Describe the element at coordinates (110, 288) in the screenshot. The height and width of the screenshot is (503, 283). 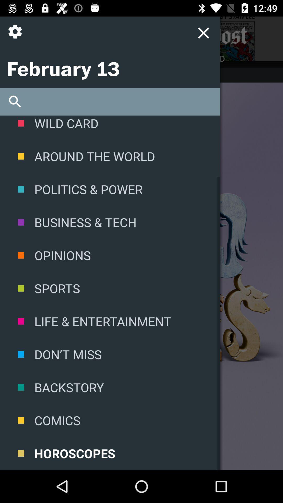
I see `the sports icon` at that location.